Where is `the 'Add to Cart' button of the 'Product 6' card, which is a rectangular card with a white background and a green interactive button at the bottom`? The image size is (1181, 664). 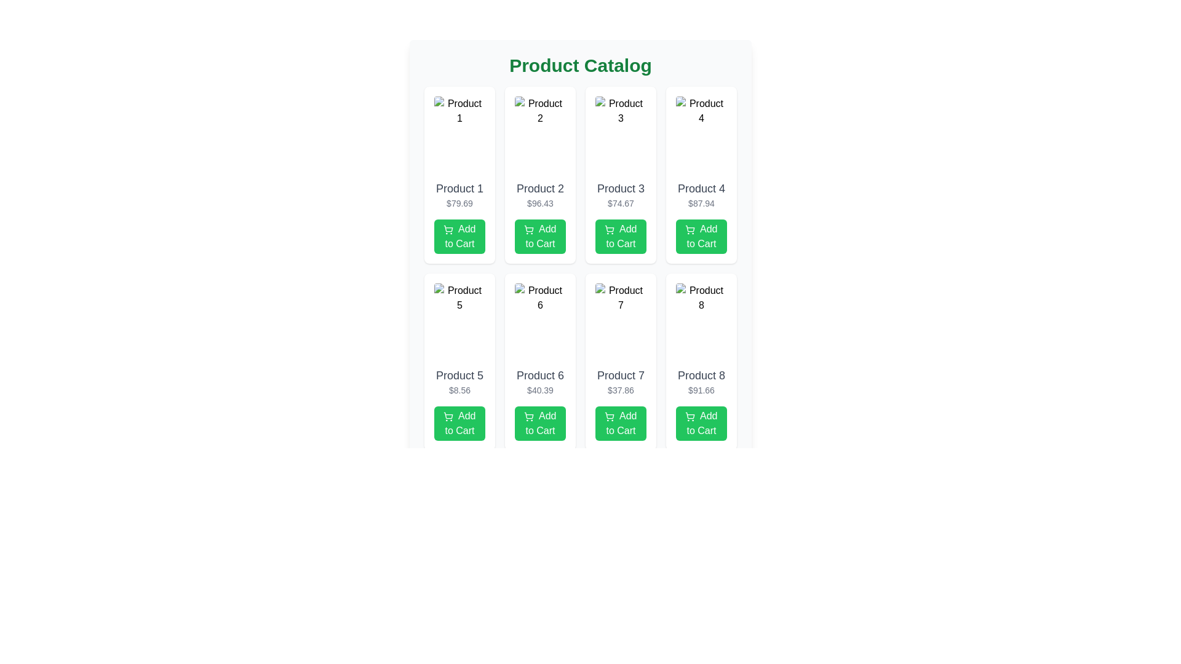
the 'Add to Cart' button of the 'Product 6' card, which is a rectangular card with a white background and a green interactive button at the bottom is located at coordinates (540, 362).